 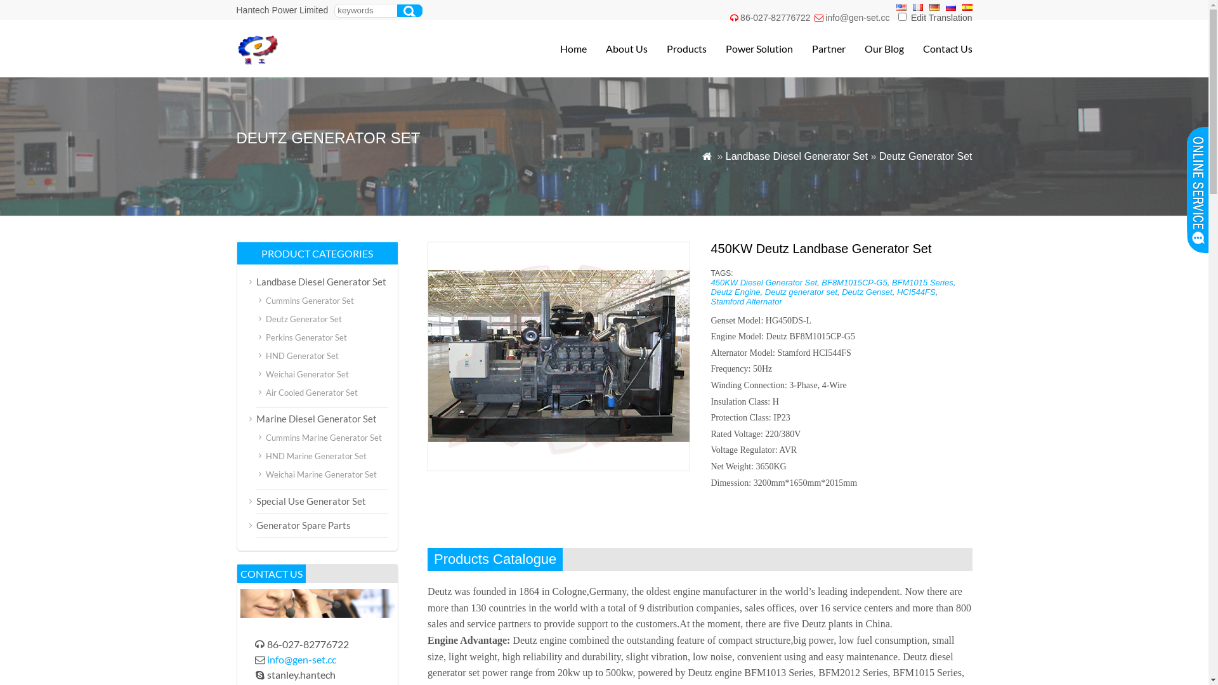 I want to click on 'info@gen-set.cc', so click(x=301, y=658).